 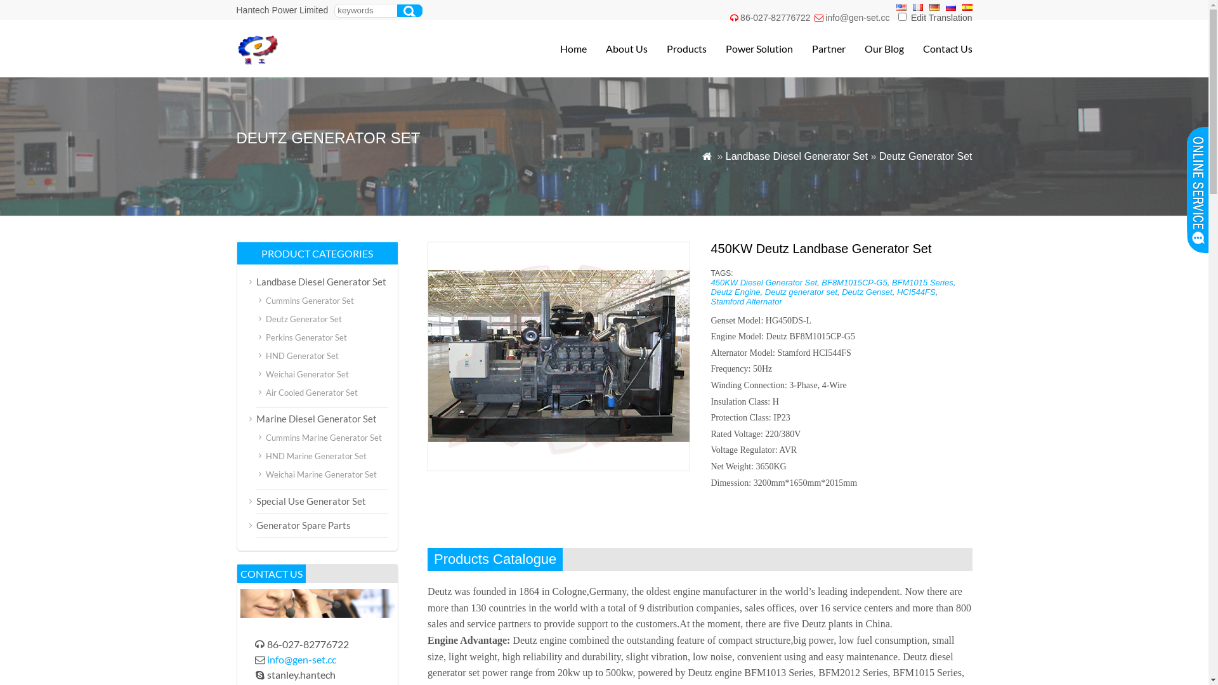 I want to click on 'info@gen-set.cc', so click(x=301, y=658).